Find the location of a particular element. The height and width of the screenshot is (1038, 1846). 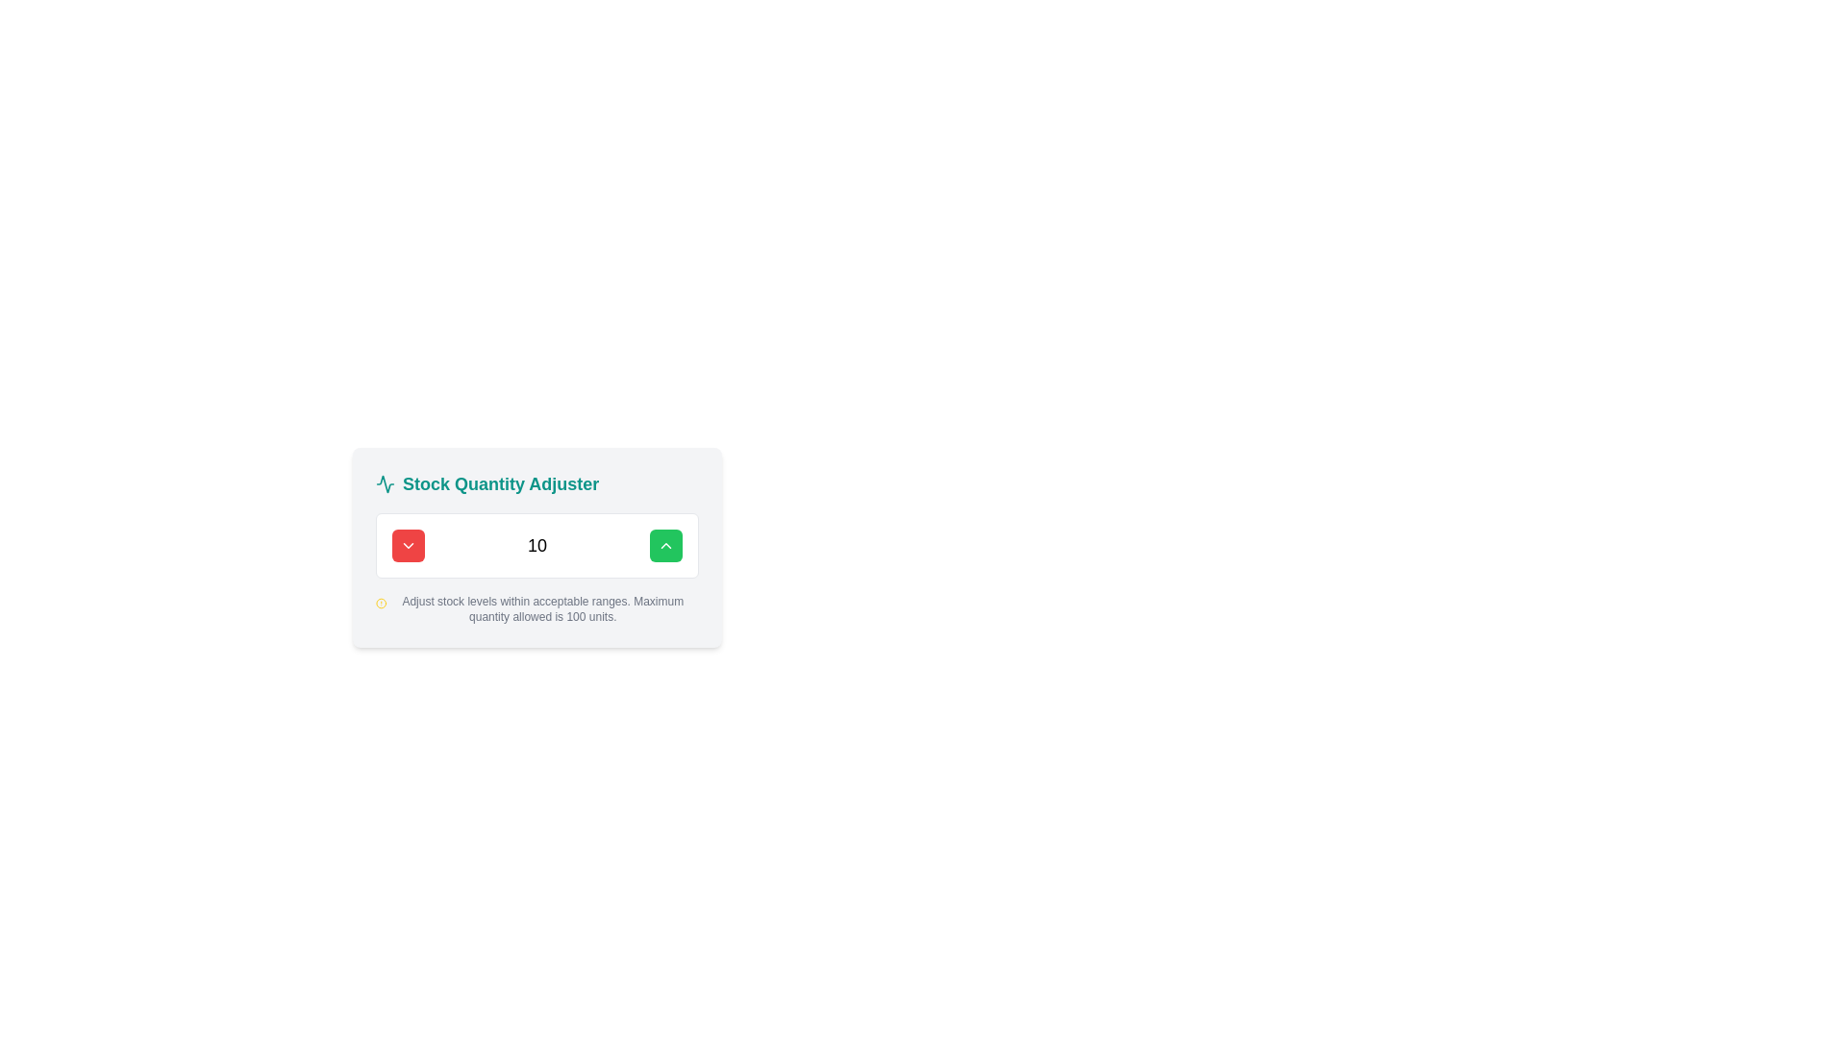

informative text displayed in gray font about adjusting stock levels located beneath the stock adjustment controls is located at coordinates (541, 608).